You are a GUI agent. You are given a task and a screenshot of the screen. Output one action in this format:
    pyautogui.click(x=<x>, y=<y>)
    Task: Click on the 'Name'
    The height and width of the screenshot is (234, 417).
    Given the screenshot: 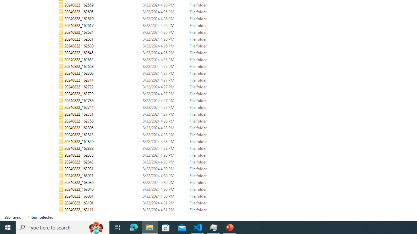 What is the action you would take?
    pyautogui.click(x=102, y=217)
    